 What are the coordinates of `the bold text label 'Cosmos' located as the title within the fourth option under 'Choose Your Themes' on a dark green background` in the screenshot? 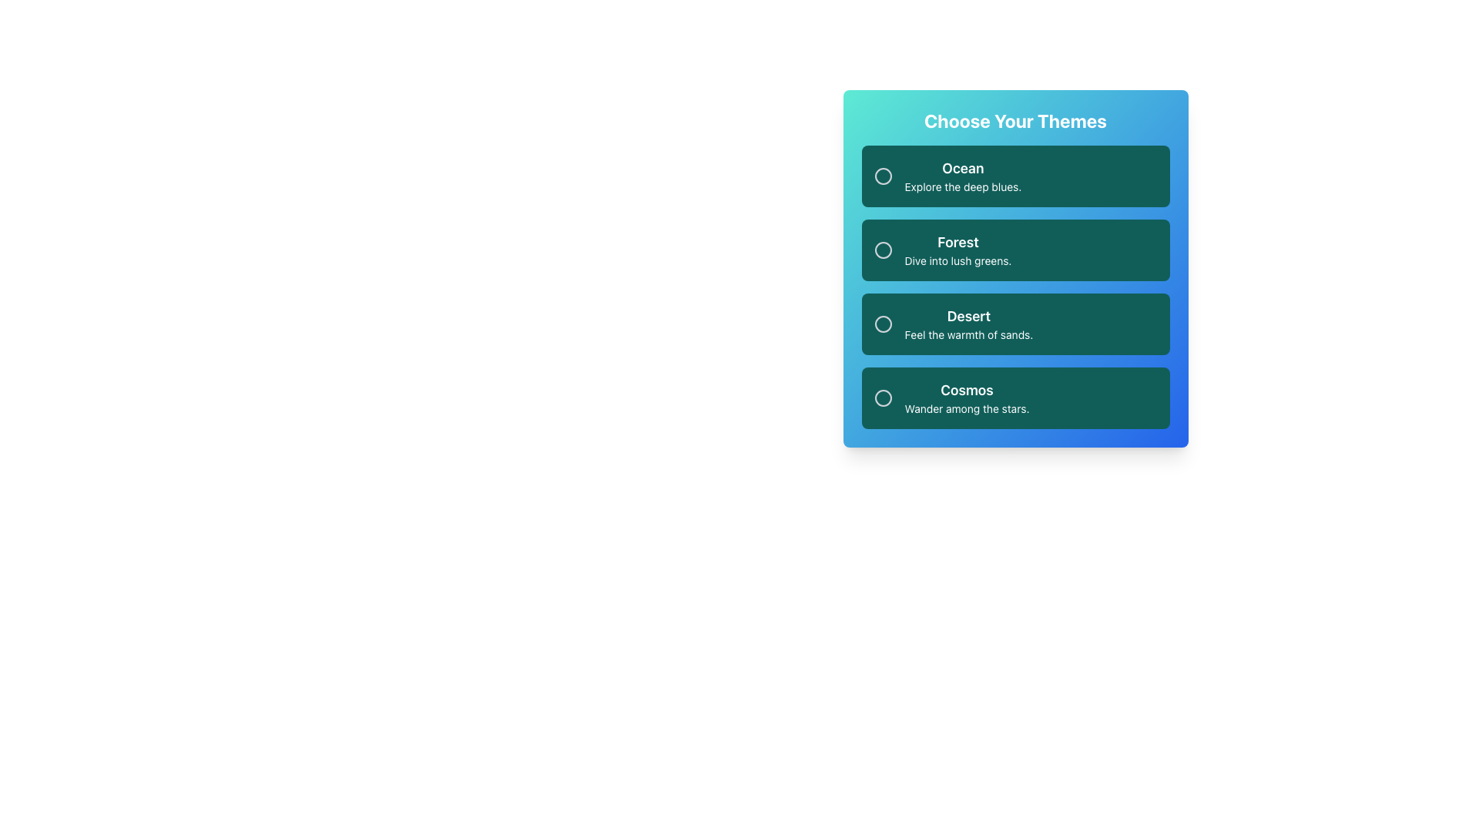 It's located at (966, 389).